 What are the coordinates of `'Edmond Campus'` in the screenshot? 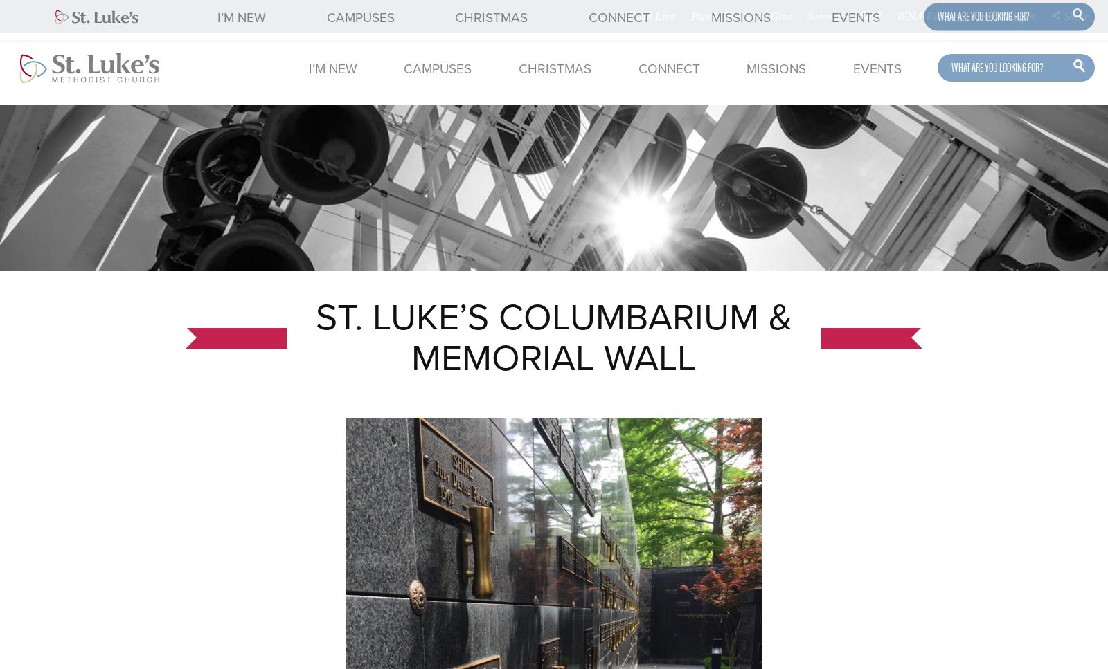 It's located at (565, 77).